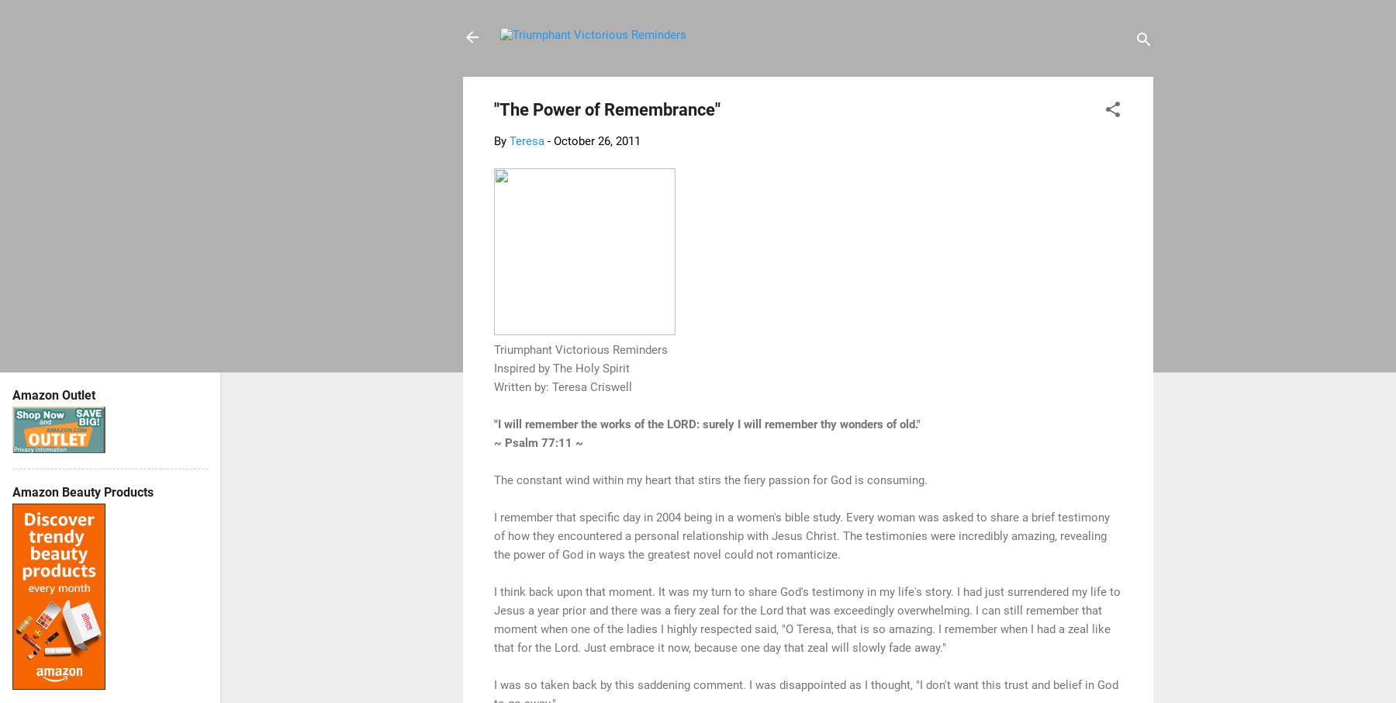  I want to click on 'I think back upon that moment. It was my turn to share God's testimony in my life's story. I had just surrendered my life to Jesus a year prior and there was a fiery zeal for the Lord that was exceedingly overwhelming.  I can still remember that moment when one of the ladies I highly respected said, "O Teresa, that is so amazing.  I remember when I had a zeal like that for the Lord.  Just embrace it now, because one day that zeal will slowly fade away."', so click(807, 619).